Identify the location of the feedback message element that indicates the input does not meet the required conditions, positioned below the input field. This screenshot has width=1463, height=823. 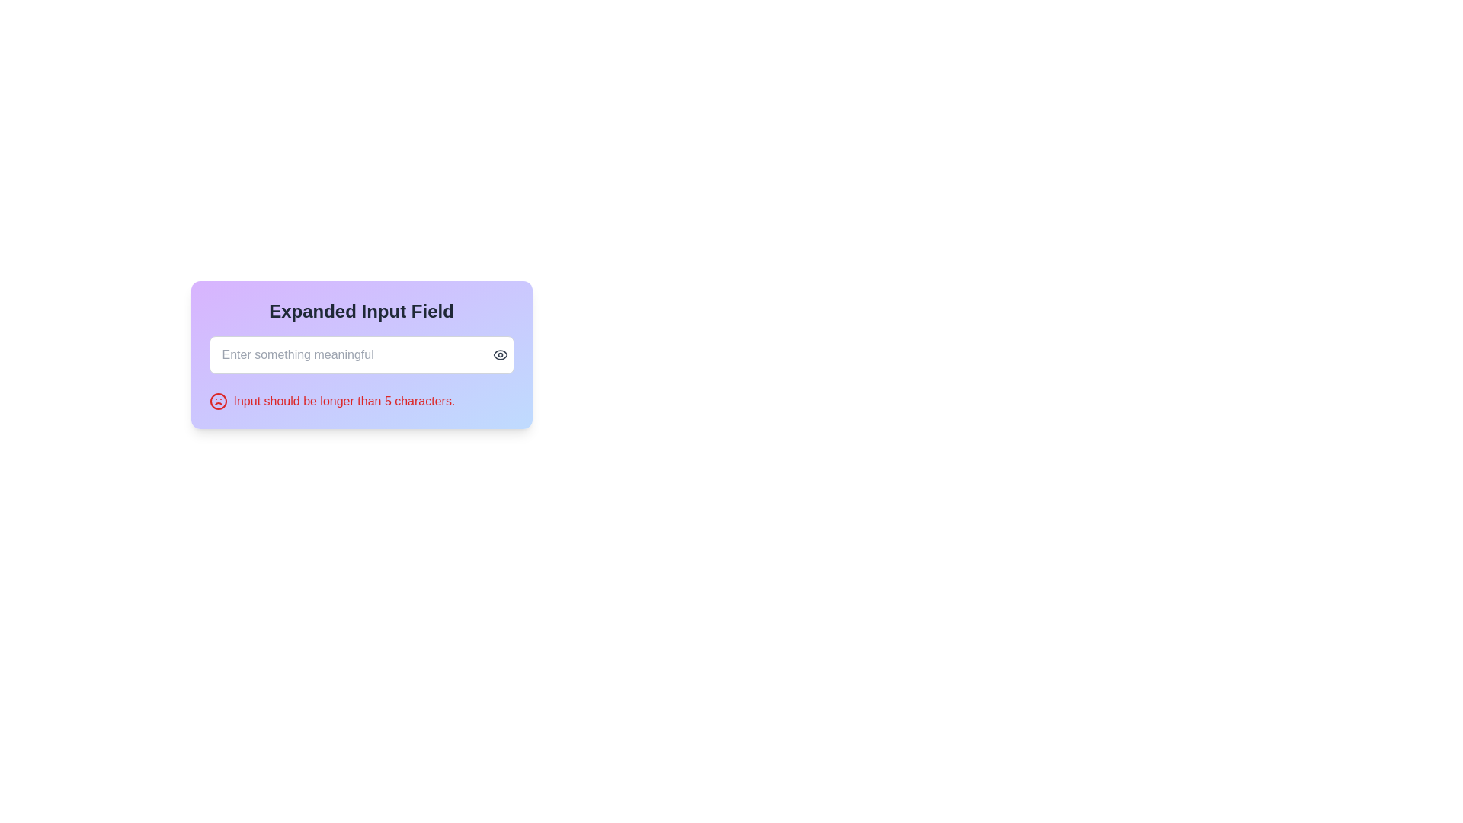
(360, 401).